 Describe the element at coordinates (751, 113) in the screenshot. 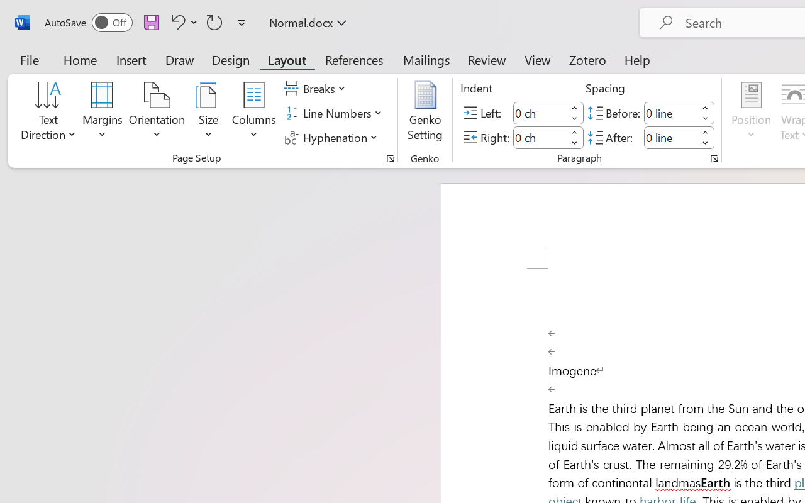

I see `'Position'` at that location.